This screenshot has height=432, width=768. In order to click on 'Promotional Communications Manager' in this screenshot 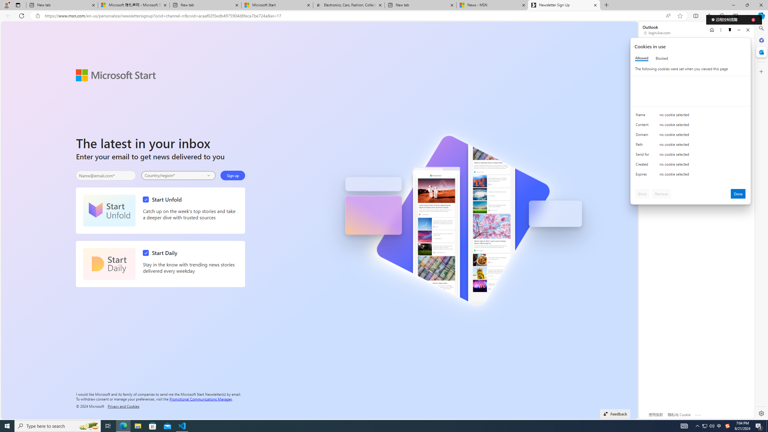, I will do `click(200, 398)`.